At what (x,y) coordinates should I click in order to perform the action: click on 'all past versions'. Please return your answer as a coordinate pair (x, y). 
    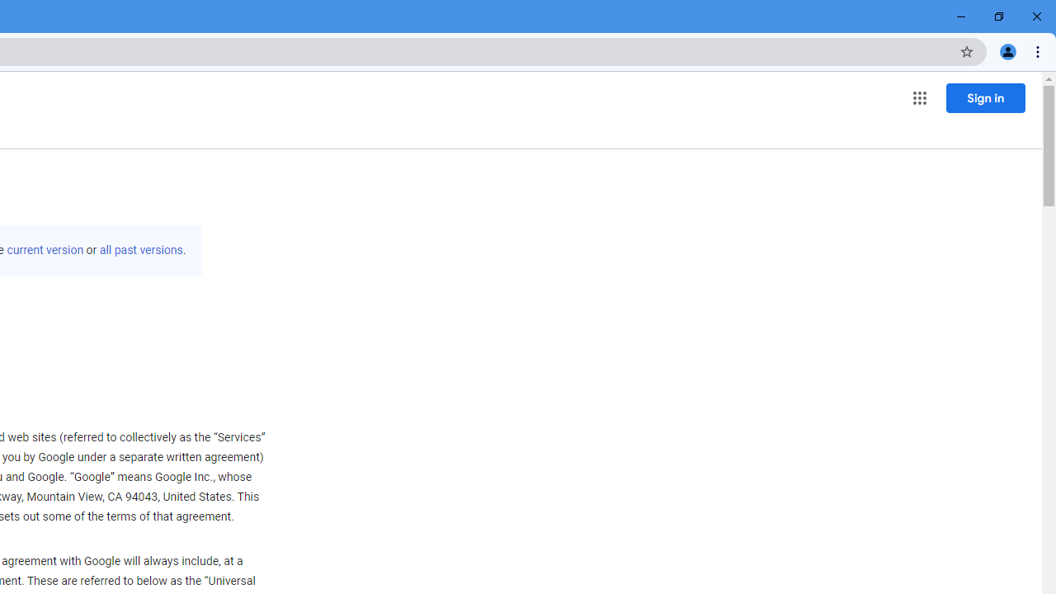
    Looking at the image, I should click on (140, 250).